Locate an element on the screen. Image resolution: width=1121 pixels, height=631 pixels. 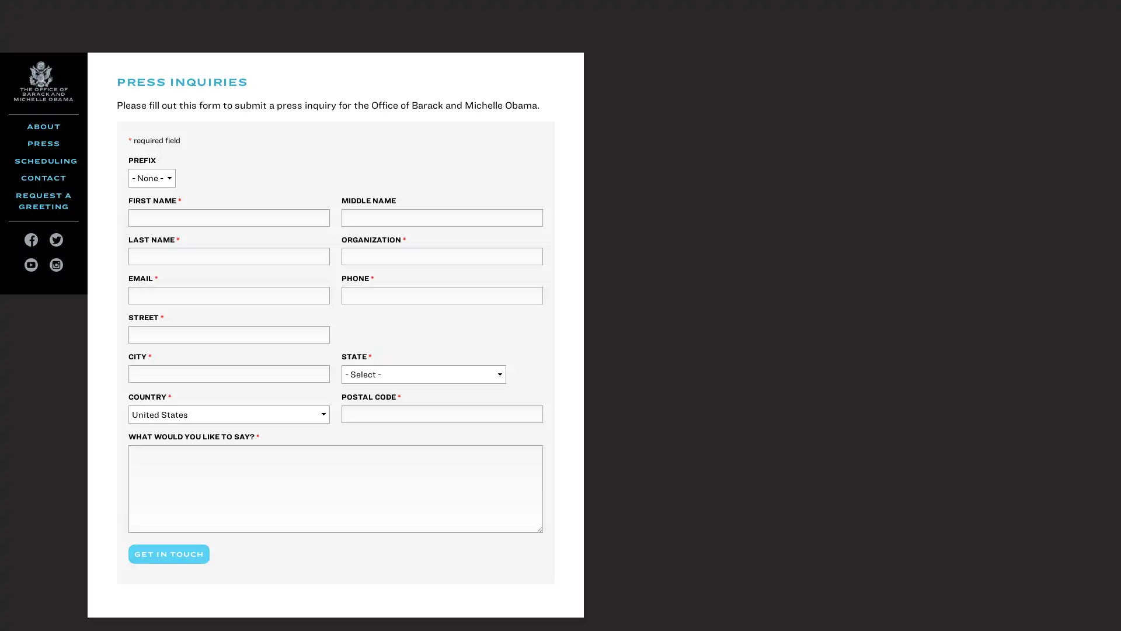
GET IN TOUCH is located at coordinates (168, 553).